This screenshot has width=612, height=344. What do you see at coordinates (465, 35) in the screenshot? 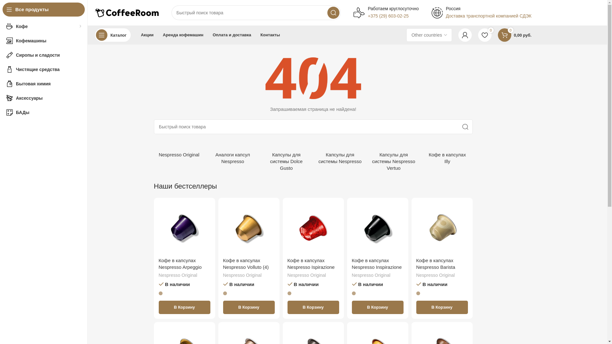
I see `'My account'` at bounding box center [465, 35].